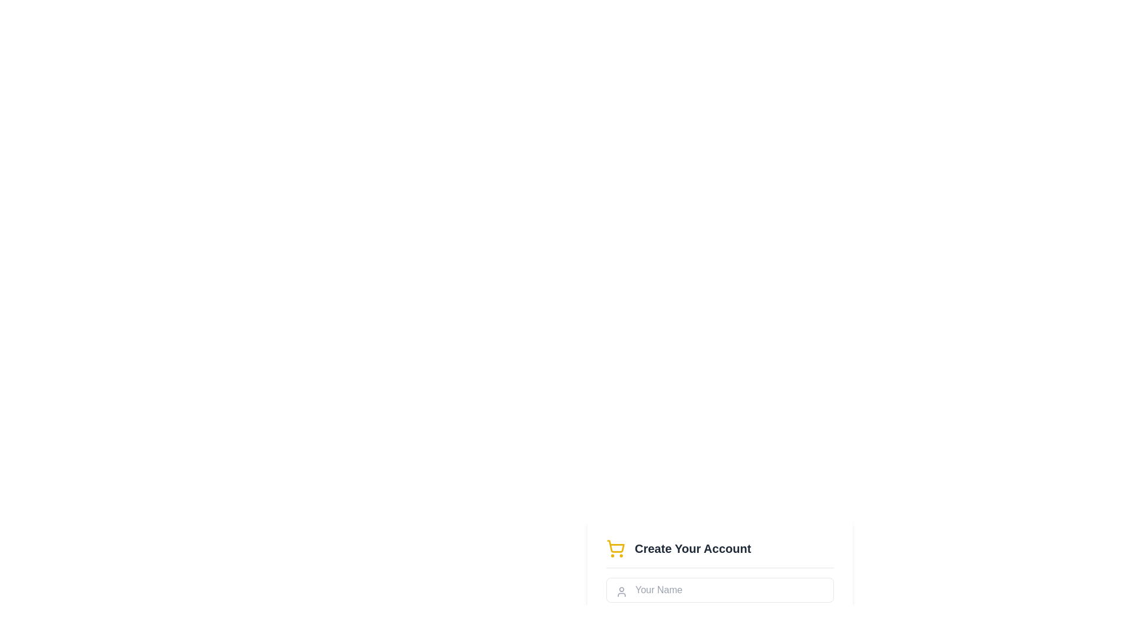 Image resolution: width=1138 pixels, height=640 pixels. What do you see at coordinates (621, 591) in the screenshot?
I see `the Decorative icon, which is a compact user profile silhouette styled in gray, located inside the input field with the placeholder 'Your Name'` at bounding box center [621, 591].